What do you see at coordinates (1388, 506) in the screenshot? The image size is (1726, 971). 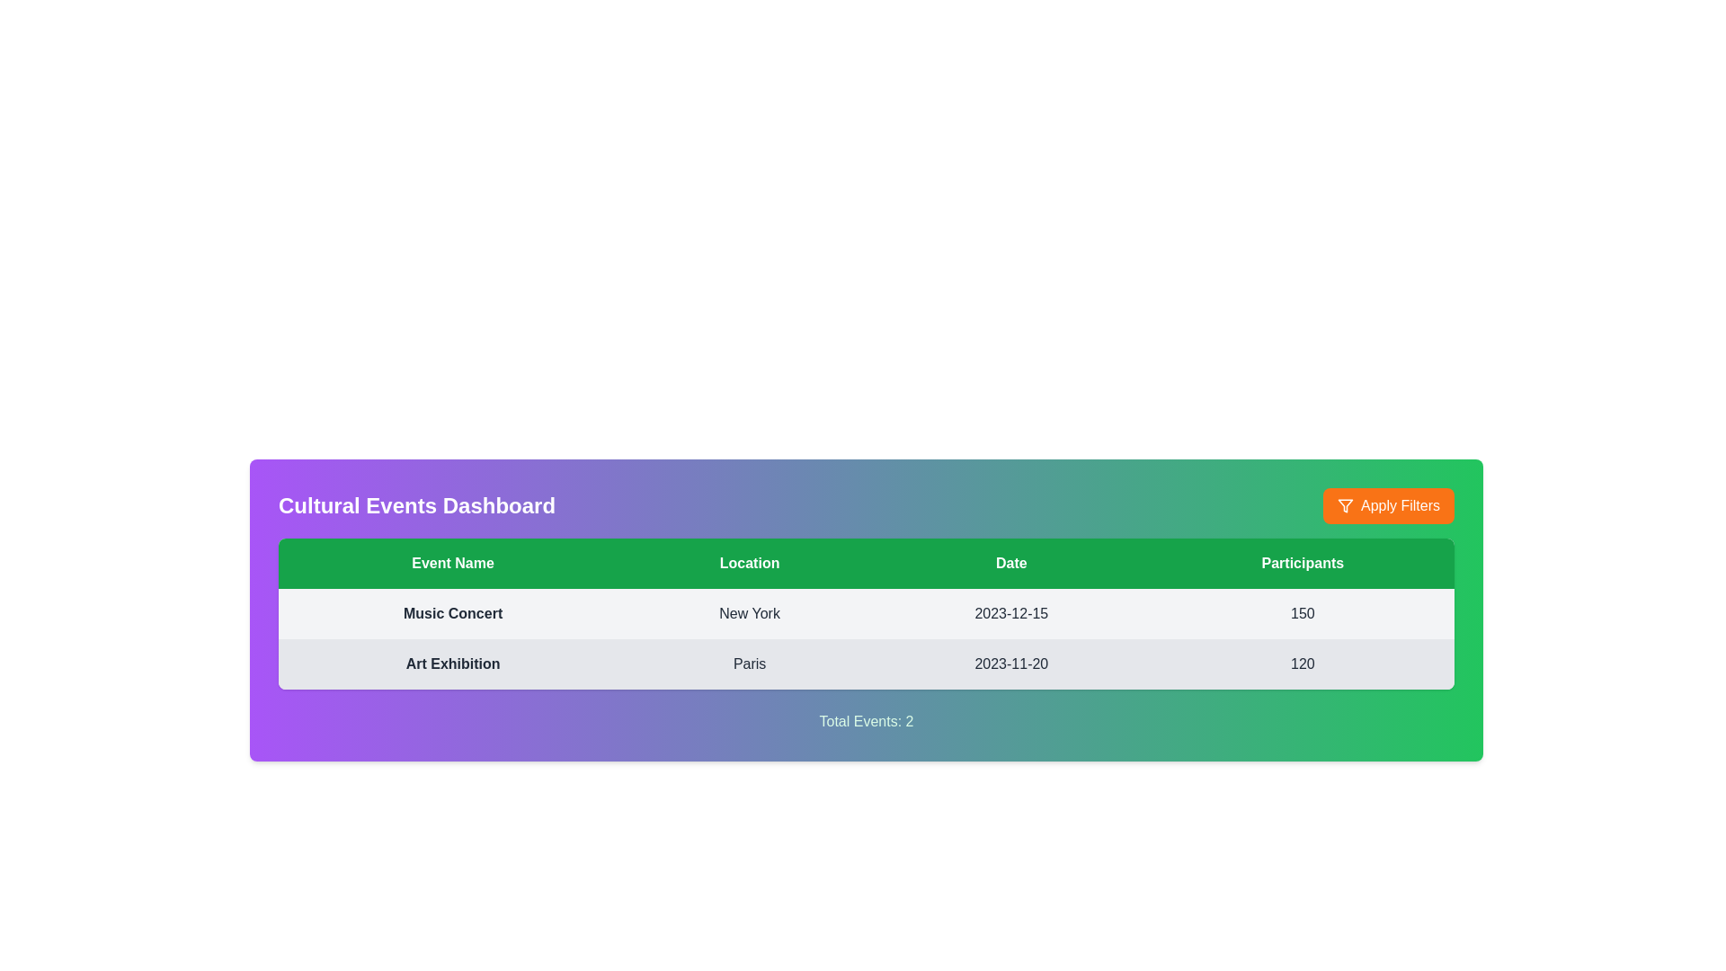 I see `'Apply Filters' button` at bounding box center [1388, 506].